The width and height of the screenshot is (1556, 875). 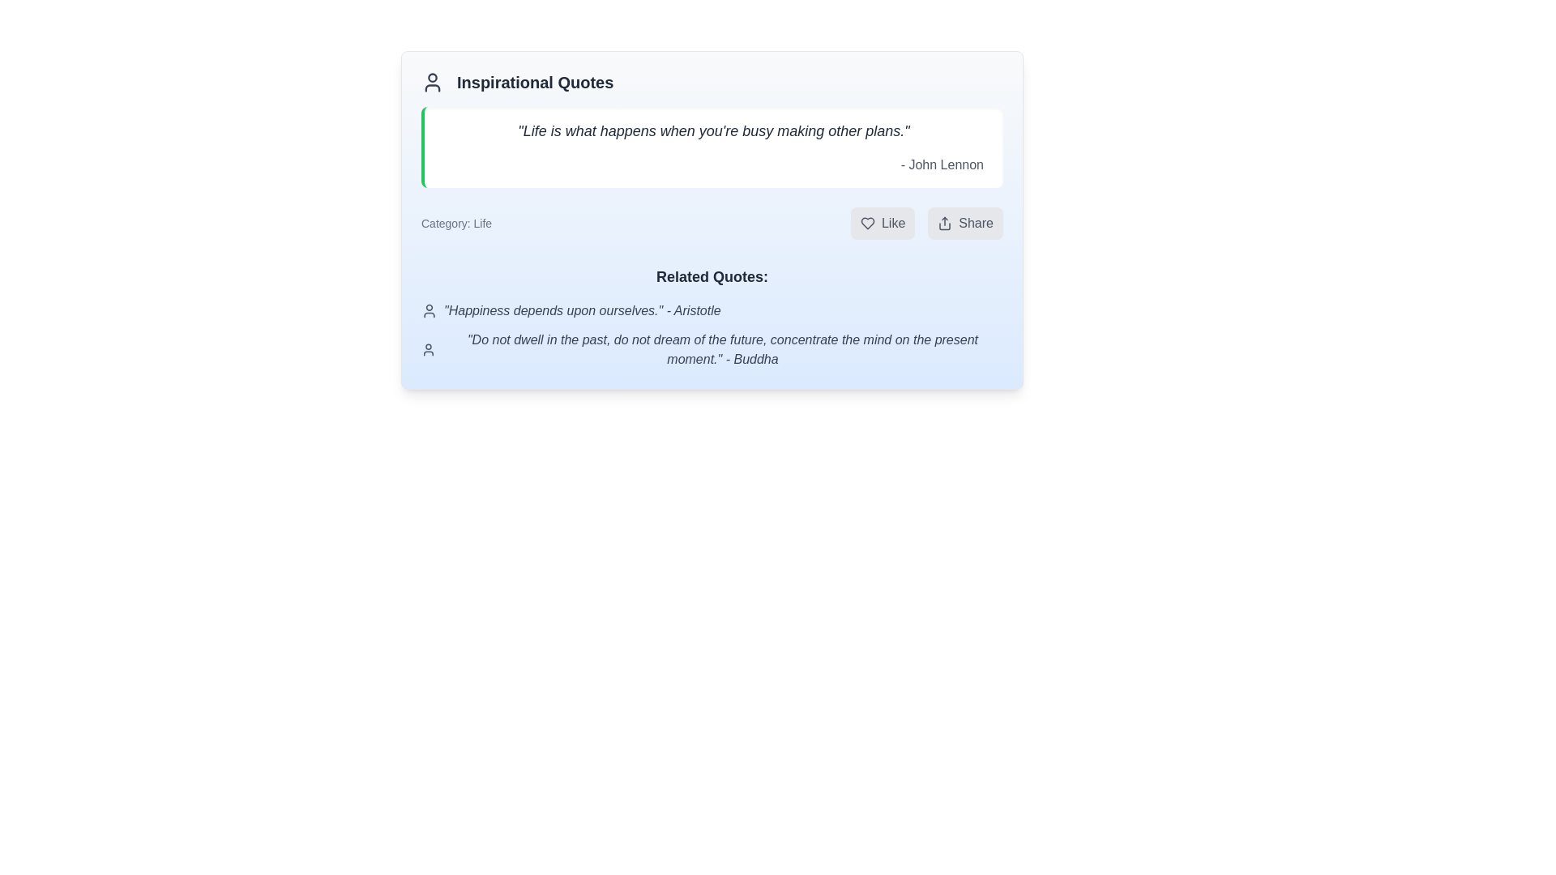 What do you see at coordinates (882, 224) in the screenshot?
I see `the 'Like' button, which is the first button in a horizontally arranged group of two buttons, located below a quote and to the left of the 'Share' button` at bounding box center [882, 224].